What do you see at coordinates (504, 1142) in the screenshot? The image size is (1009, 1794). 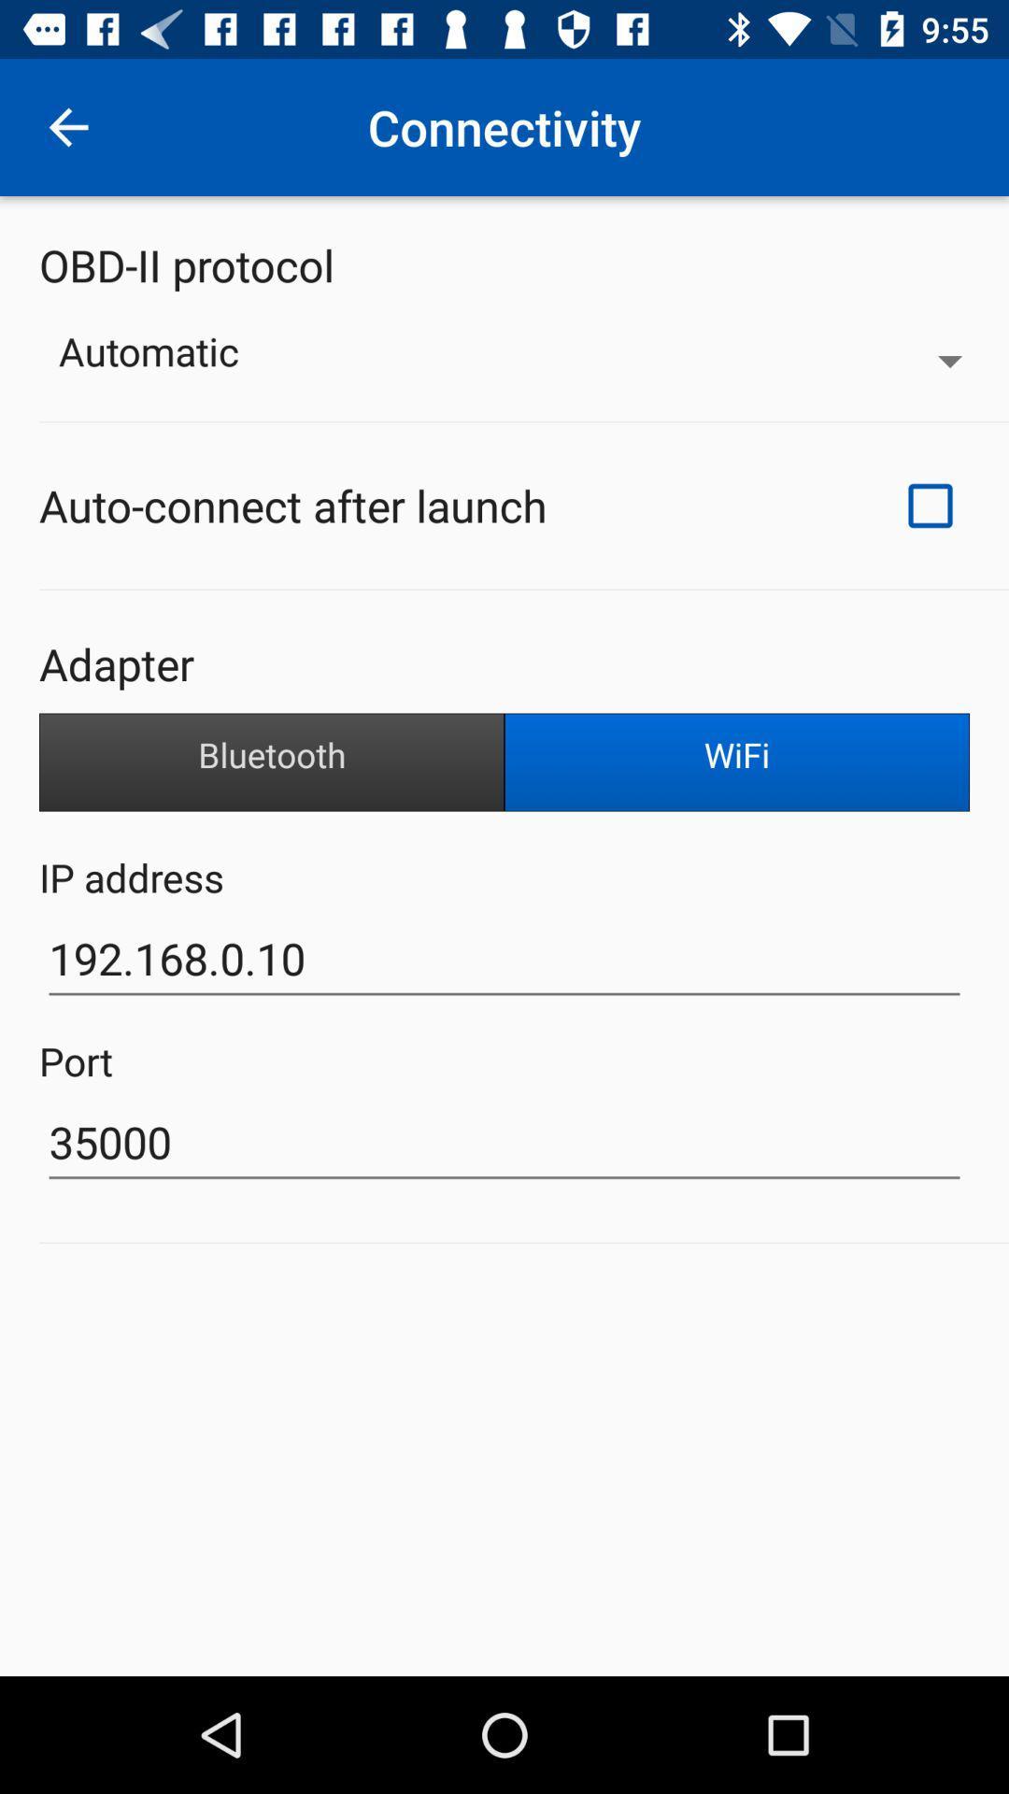 I see `the 35000 item` at bounding box center [504, 1142].